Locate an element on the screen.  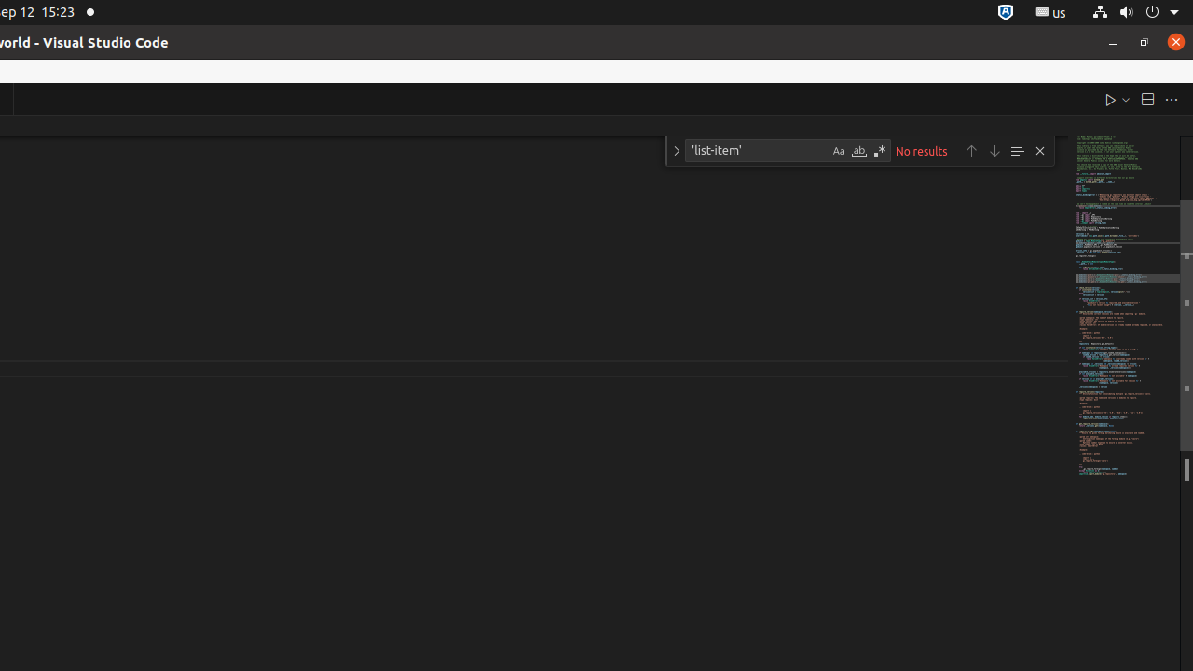
'Find in Selection (Alt+L)' is located at coordinates (1015, 149).